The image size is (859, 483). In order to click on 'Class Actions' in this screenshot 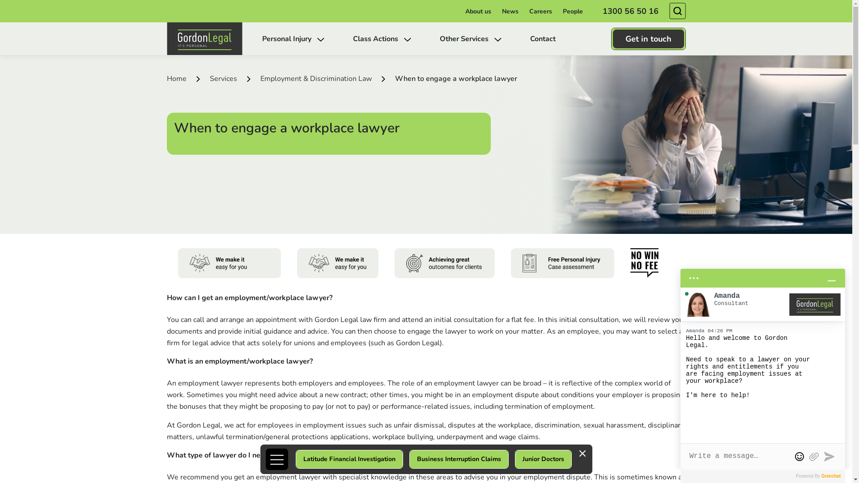, I will do `click(382, 38)`.